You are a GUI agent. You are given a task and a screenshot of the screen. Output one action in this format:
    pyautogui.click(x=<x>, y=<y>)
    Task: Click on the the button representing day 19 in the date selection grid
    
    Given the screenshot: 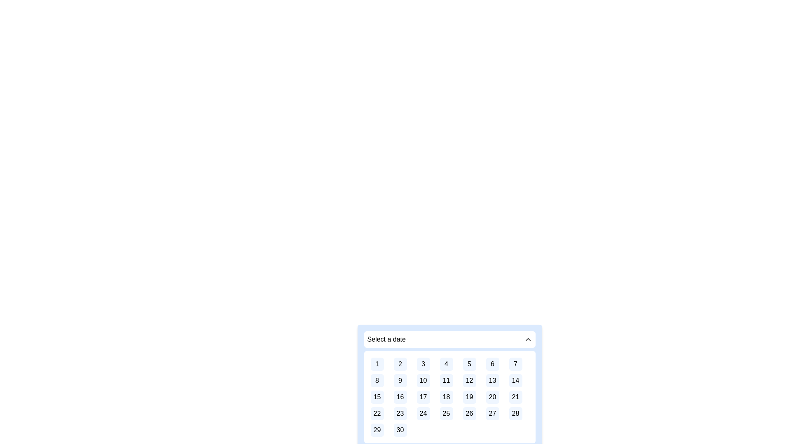 What is the action you would take?
    pyautogui.click(x=469, y=397)
    